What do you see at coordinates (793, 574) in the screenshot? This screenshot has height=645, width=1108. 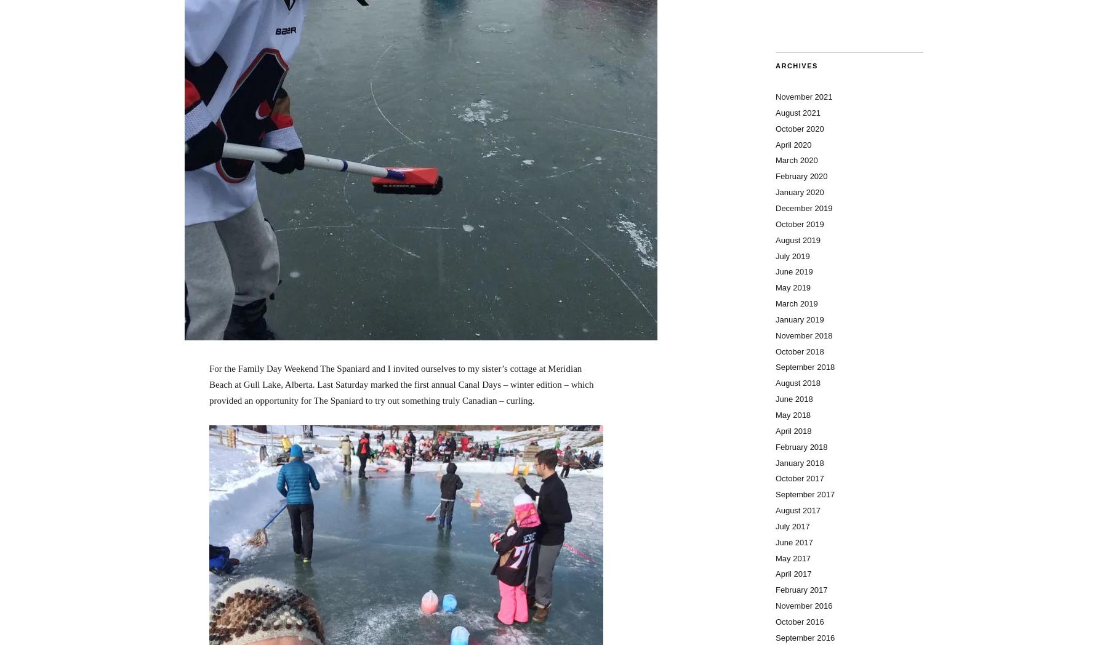 I see `'April 2017'` at bounding box center [793, 574].